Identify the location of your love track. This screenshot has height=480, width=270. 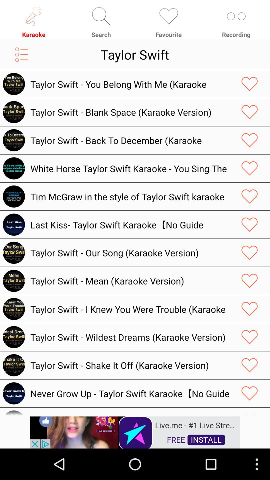
(249, 365).